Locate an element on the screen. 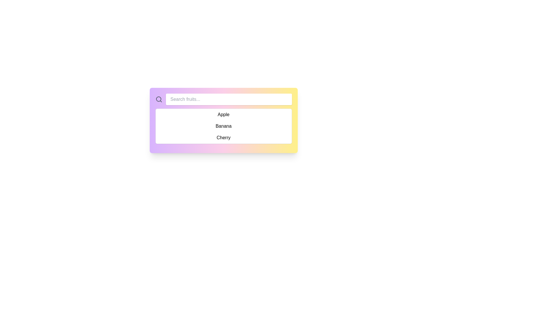 The height and width of the screenshot is (312, 555). the dropdown option containing the text 'Banana' is located at coordinates (223, 126).